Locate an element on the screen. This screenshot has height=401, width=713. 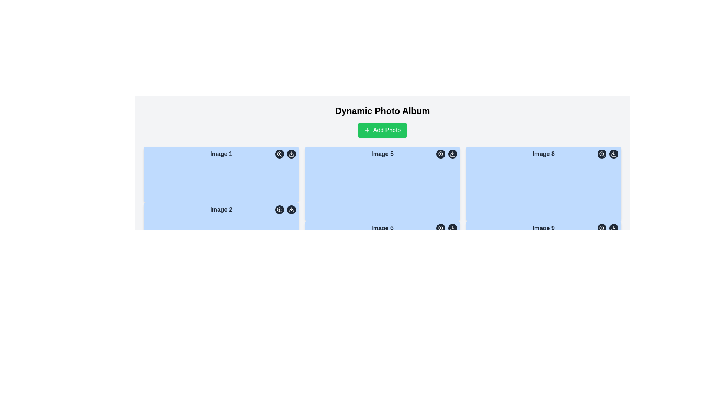
the circular button with a gray background and magnifying glass icon, located at the top-right corner of the panel associated with 'Image 8' is located at coordinates (602, 154).